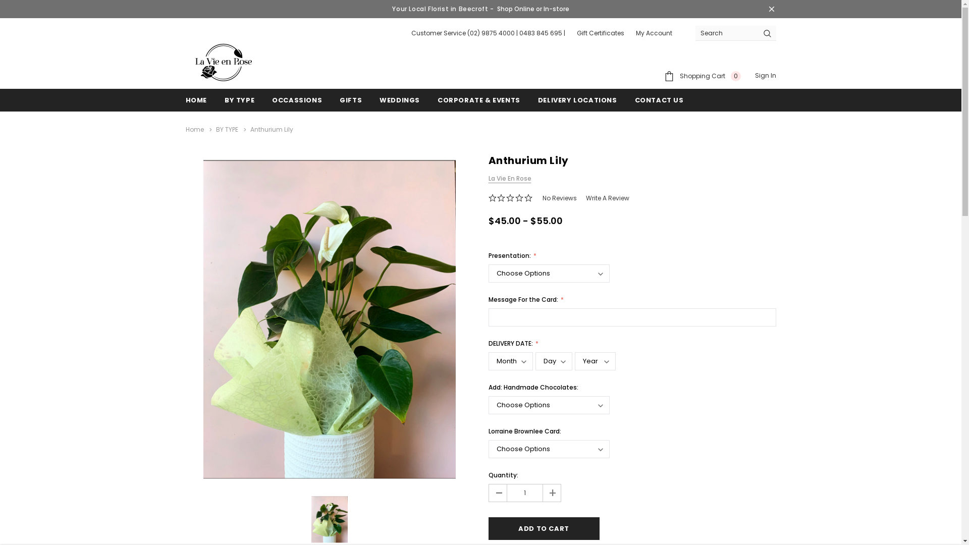 The image size is (969, 545). What do you see at coordinates (532, 9) in the screenshot?
I see `'Shop Online or In-store'` at bounding box center [532, 9].